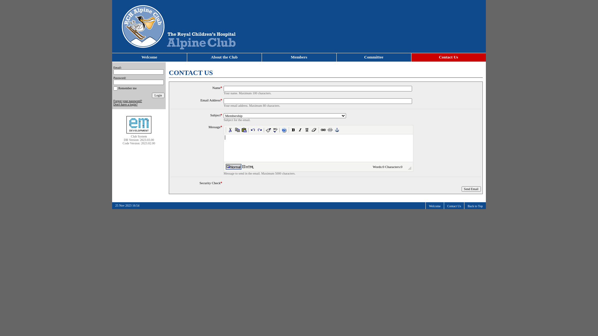  I want to click on 'Underline', so click(307, 129).